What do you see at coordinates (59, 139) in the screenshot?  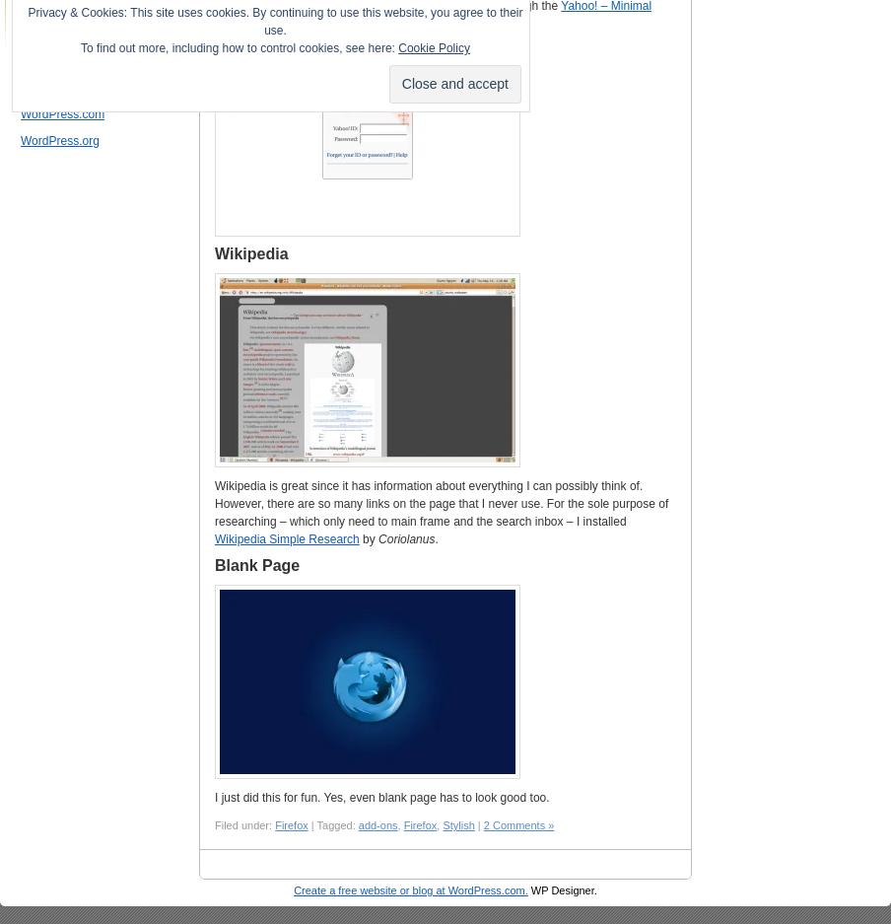 I see `'WordPress.org'` at bounding box center [59, 139].